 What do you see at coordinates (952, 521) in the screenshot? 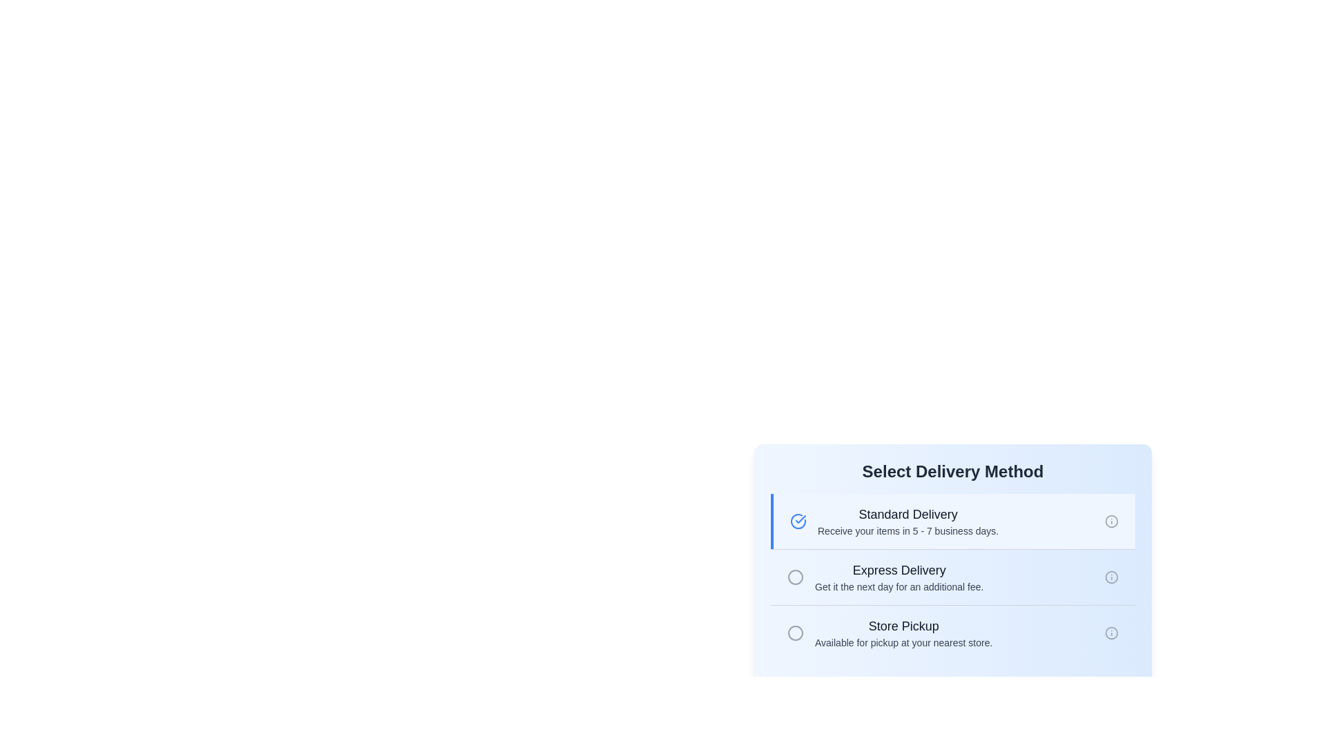
I see `the topmost selectable list item for 'Standard Delivery', which has a light blue background and a blue vertical border on the left` at bounding box center [952, 521].